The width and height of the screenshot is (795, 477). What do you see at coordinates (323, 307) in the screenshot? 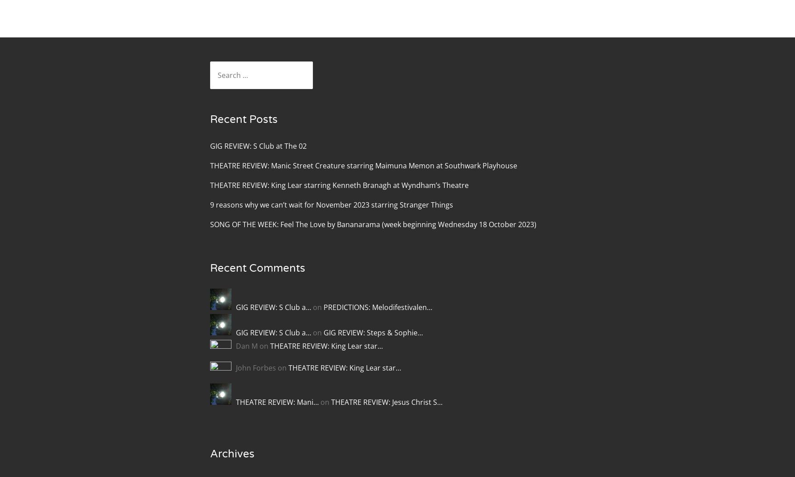
I see `'PREDICTIONS: Melodifestivalen…'` at bounding box center [323, 307].